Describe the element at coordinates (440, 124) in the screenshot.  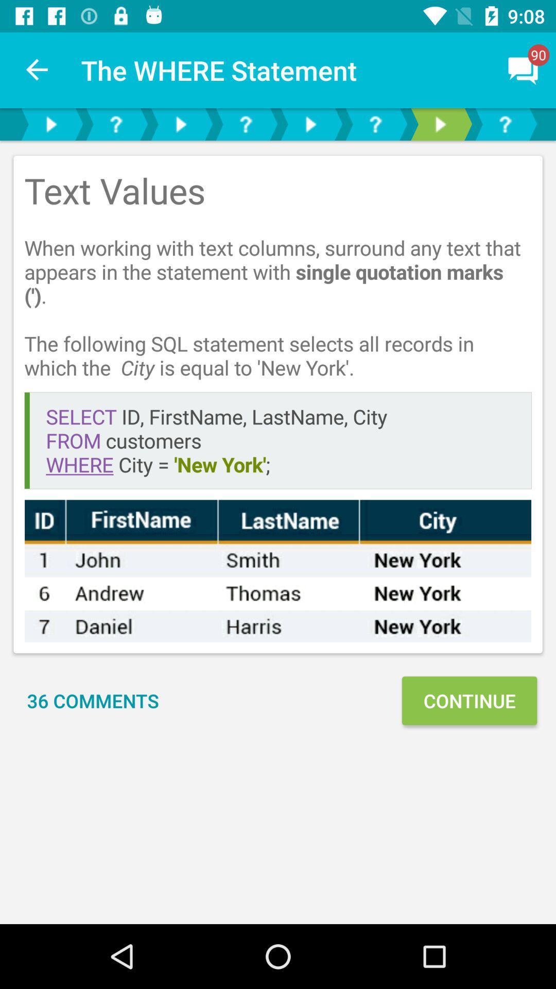
I see `go forward` at that location.